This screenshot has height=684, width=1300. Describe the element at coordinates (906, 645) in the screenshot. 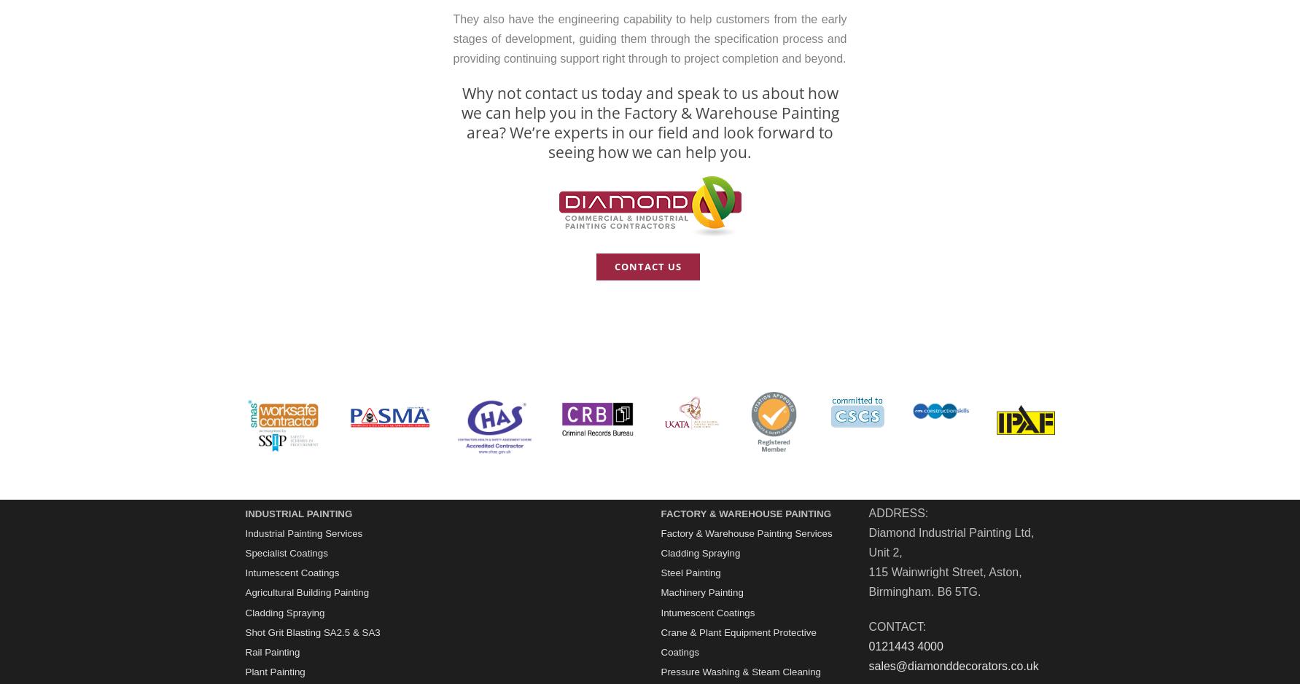

I see `'0121443 4000'` at that location.